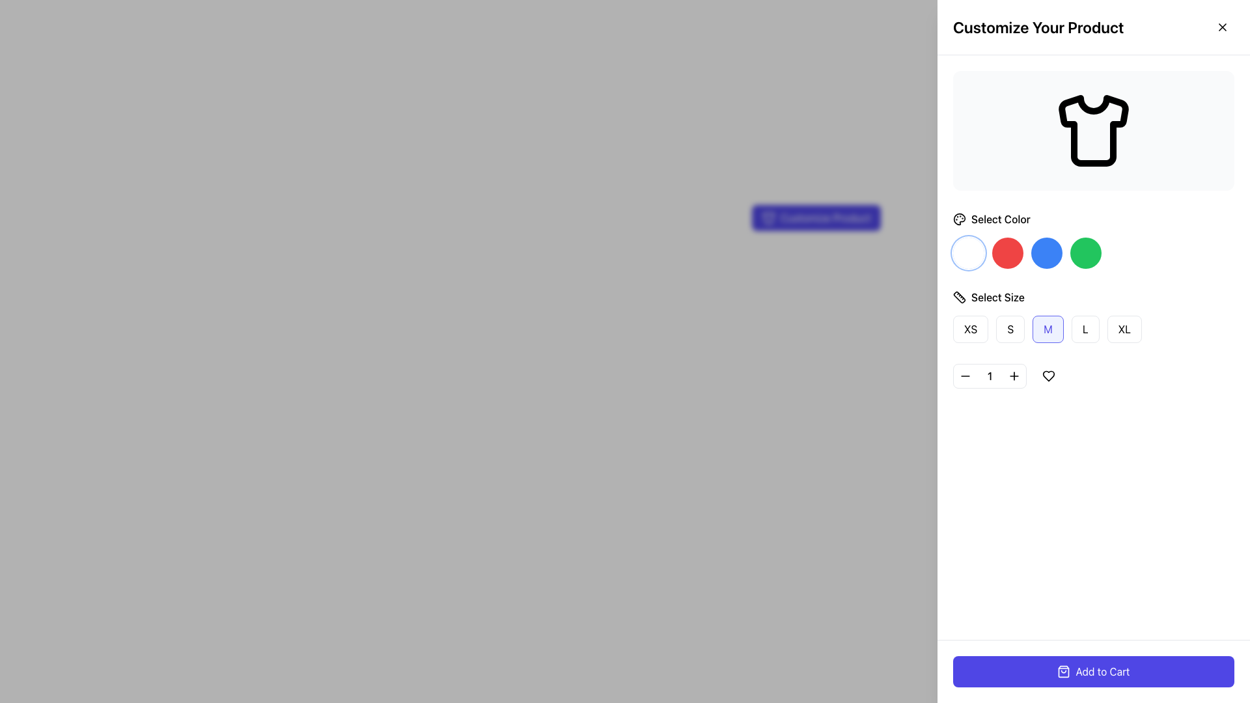 Image resolution: width=1250 pixels, height=703 pixels. Describe the element at coordinates (1094, 130) in the screenshot. I see `the shirt icon located in the top right panel under the 'Customize Your Product' section, which is styled with a black stroke and white fill` at that location.